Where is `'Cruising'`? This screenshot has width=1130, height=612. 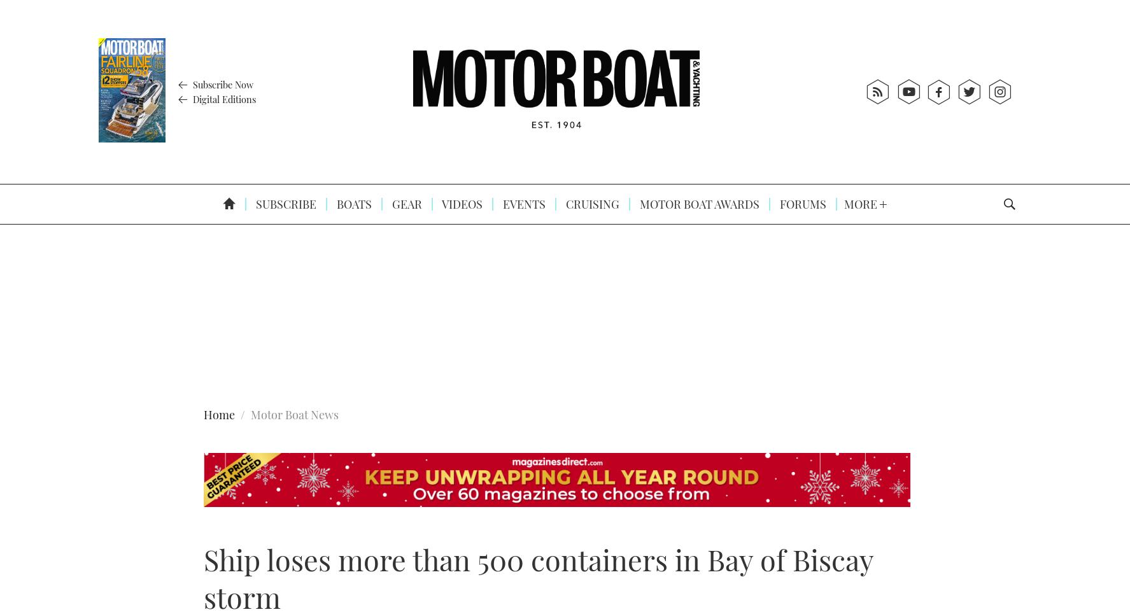
'Cruising' is located at coordinates (590, 204).